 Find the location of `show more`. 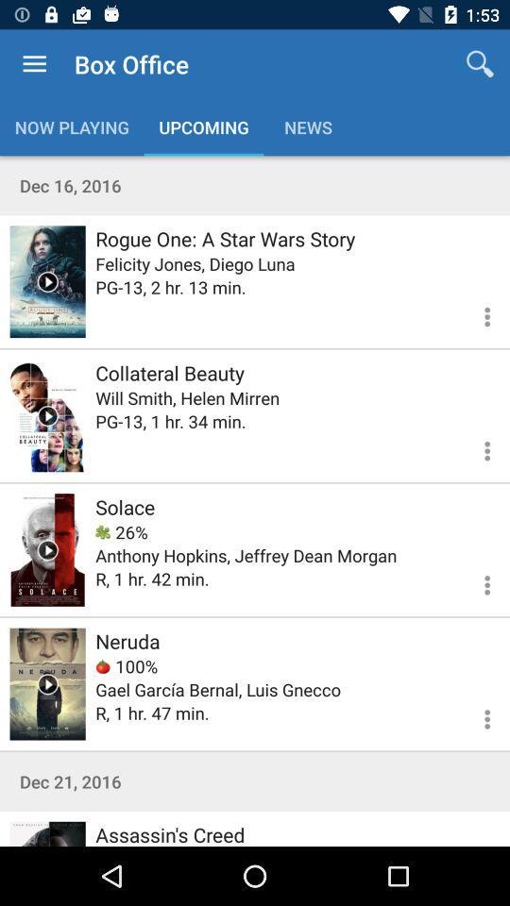

show more is located at coordinates (475, 448).